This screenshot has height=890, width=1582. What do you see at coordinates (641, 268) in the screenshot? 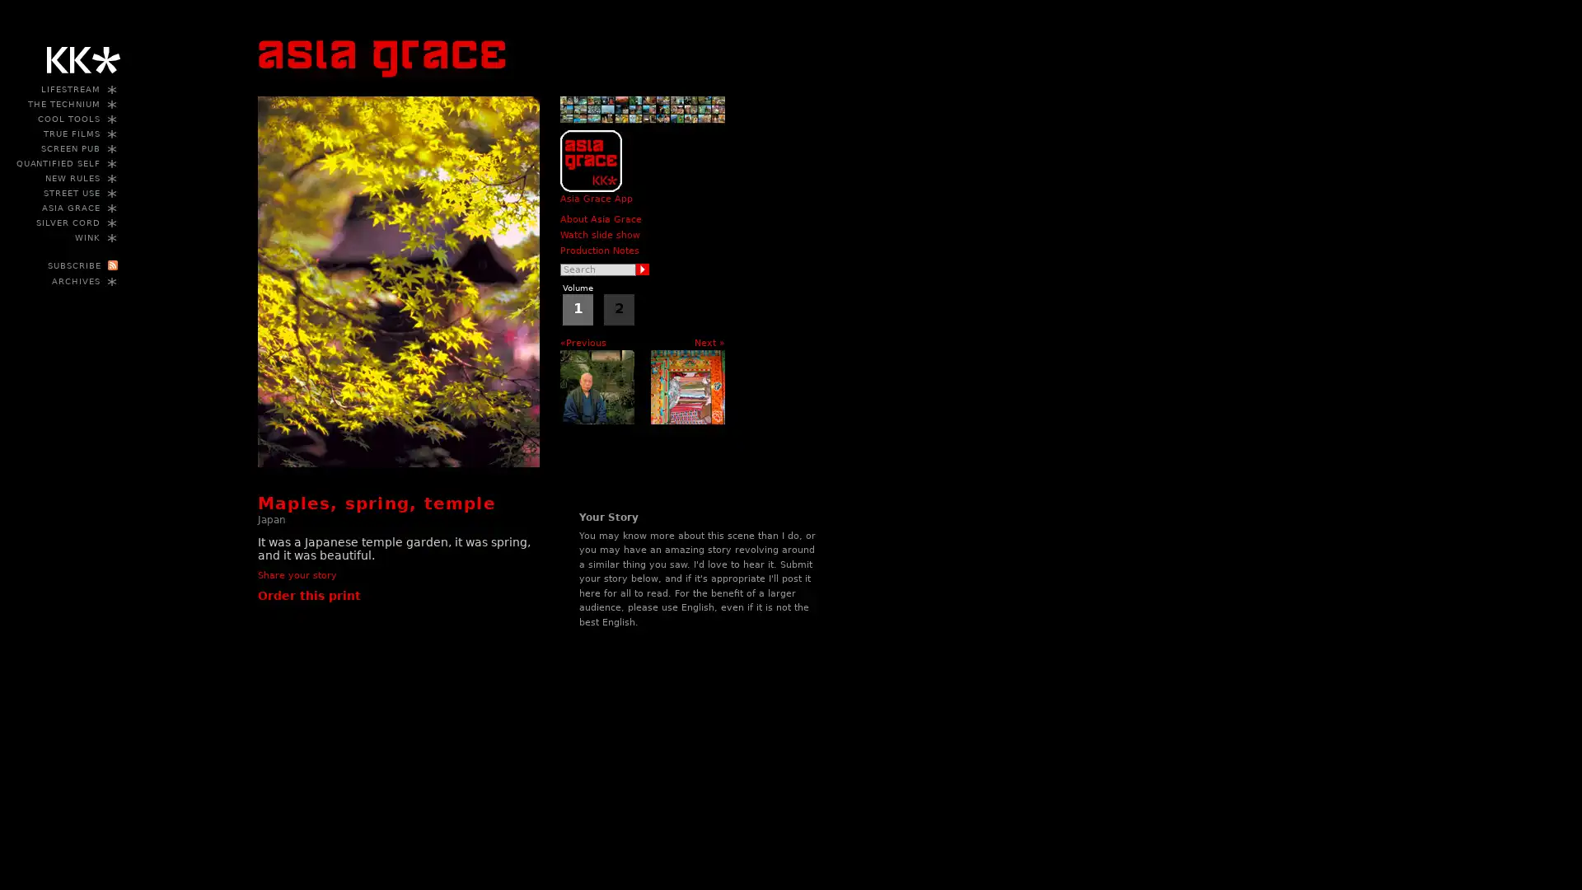
I see `Search` at bounding box center [641, 268].